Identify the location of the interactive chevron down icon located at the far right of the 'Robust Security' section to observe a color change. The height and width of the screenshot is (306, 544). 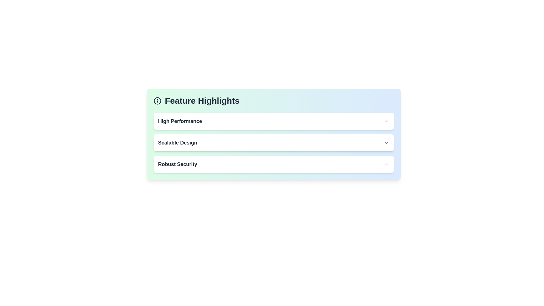
(386, 164).